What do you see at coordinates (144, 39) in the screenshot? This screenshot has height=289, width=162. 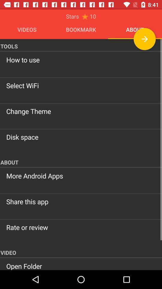 I see `next` at bounding box center [144, 39].